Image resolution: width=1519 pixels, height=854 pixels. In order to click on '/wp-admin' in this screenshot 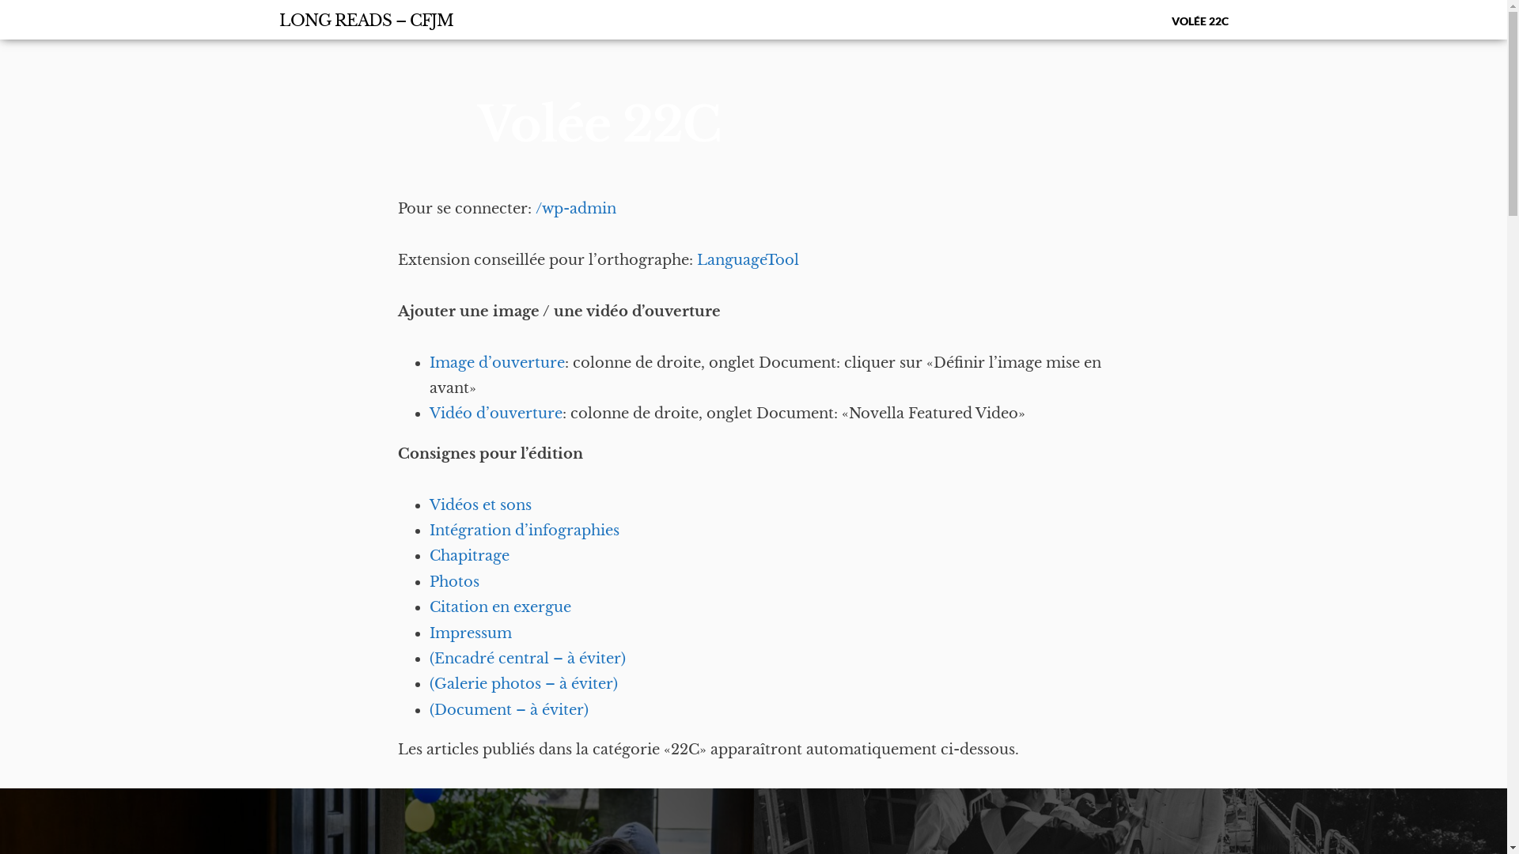, I will do `click(535, 207)`.